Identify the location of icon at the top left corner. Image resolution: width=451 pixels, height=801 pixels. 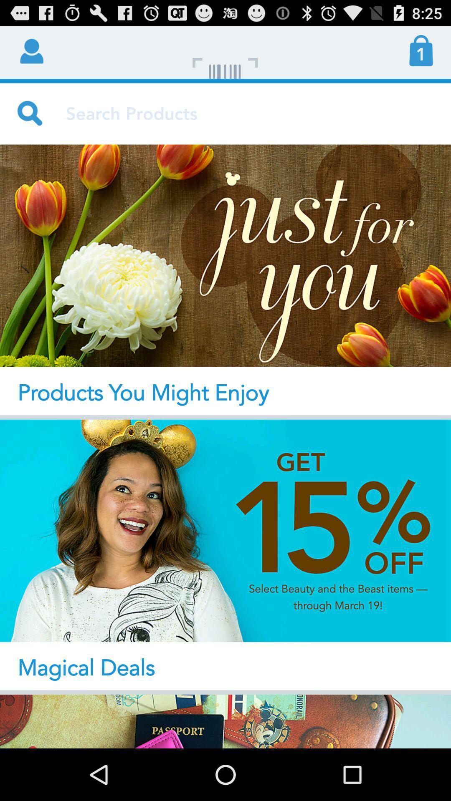
(30, 50).